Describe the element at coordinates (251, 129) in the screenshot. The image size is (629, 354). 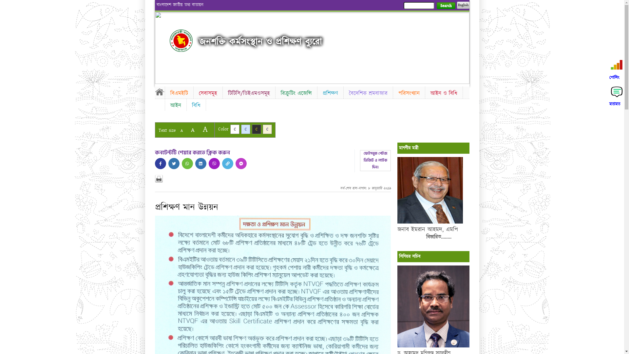
I see `'C'` at that location.